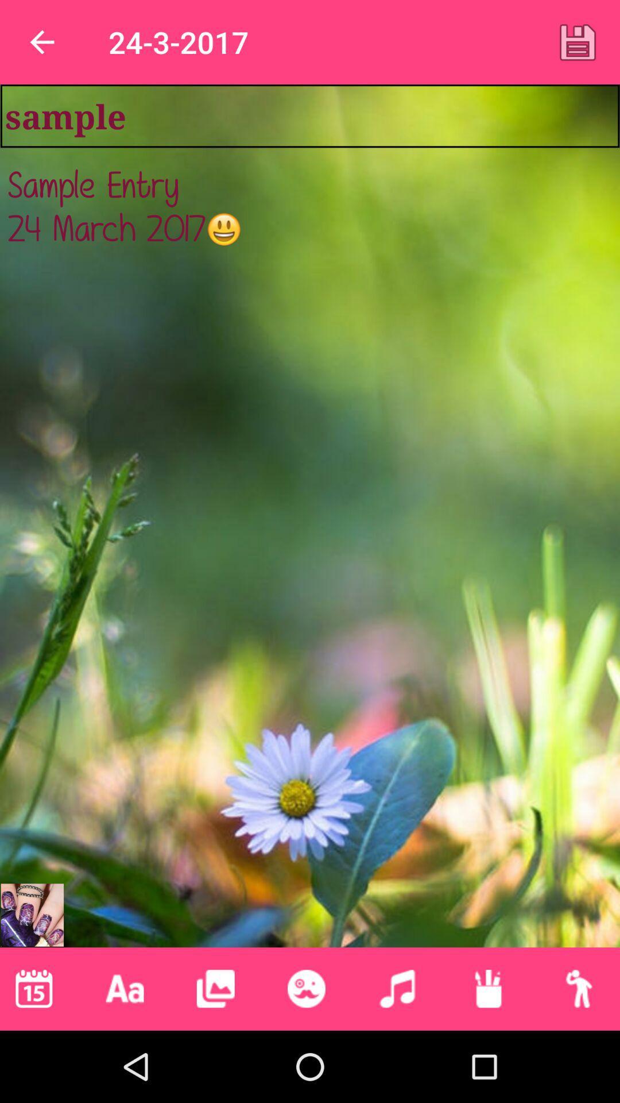 This screenshot has width=620, height=1103. Describe the element at coordinates (578, 42) in the screenshot. I see `the item next to 24-3-2017 app` at that location.